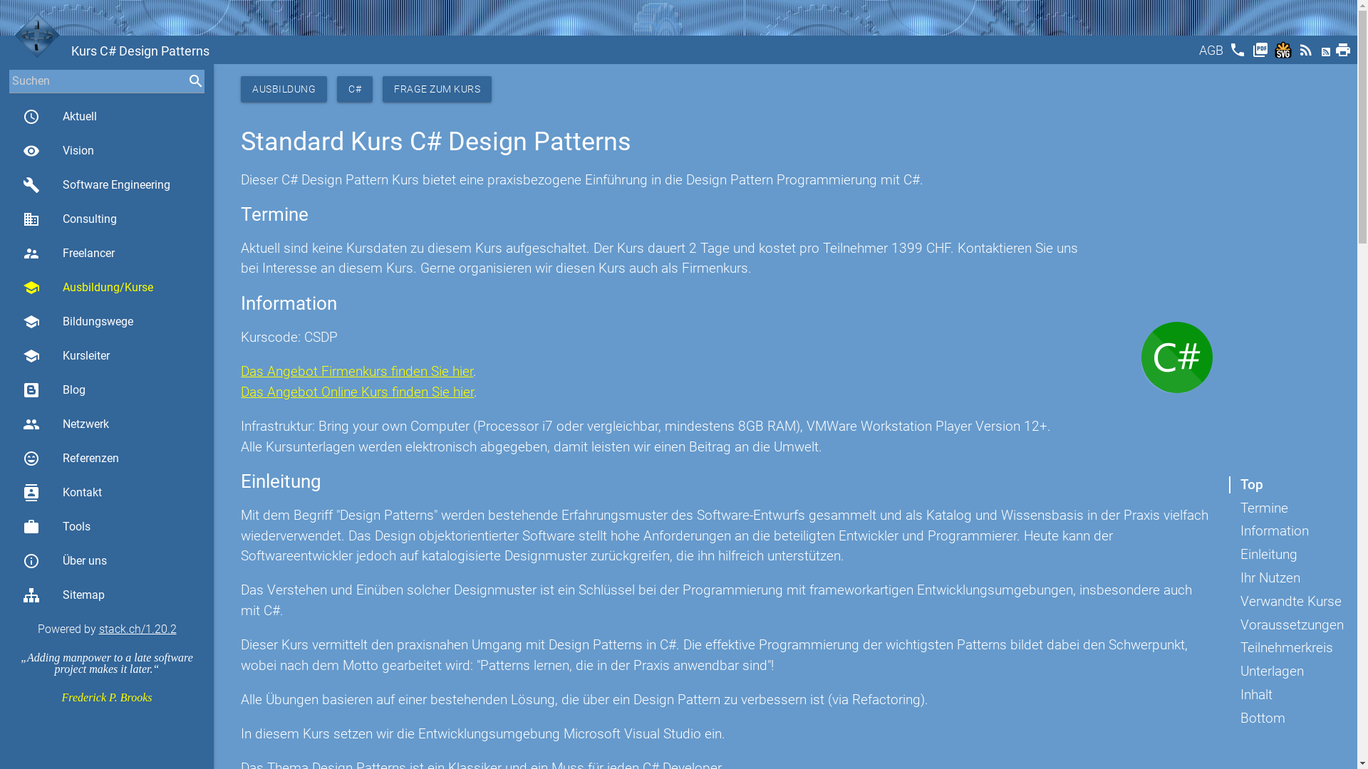  I want to click on 'Bottom', so click(1257, 718).